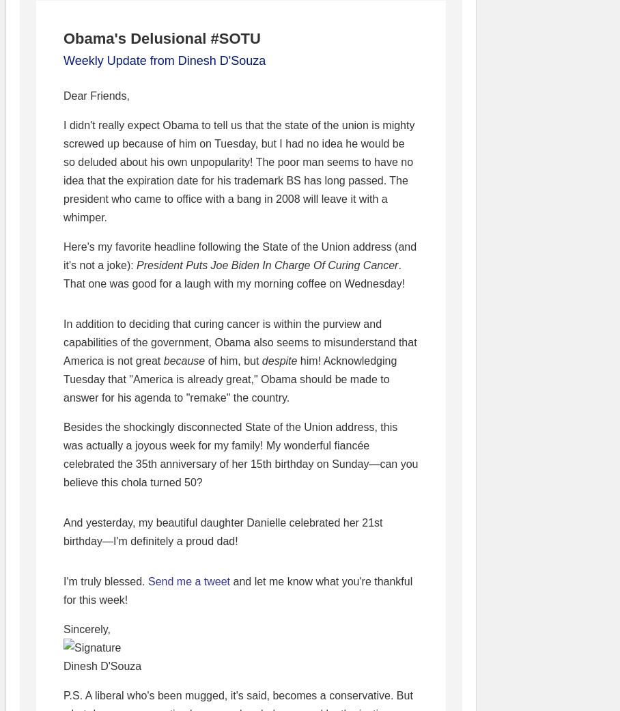 This screenshot has height=711, width=620. I want to click on 'him! Acknowledging Tuesday that "America is already great," Obama should be made to answer for his agenda to "remake" the country.', so click(62, 379).